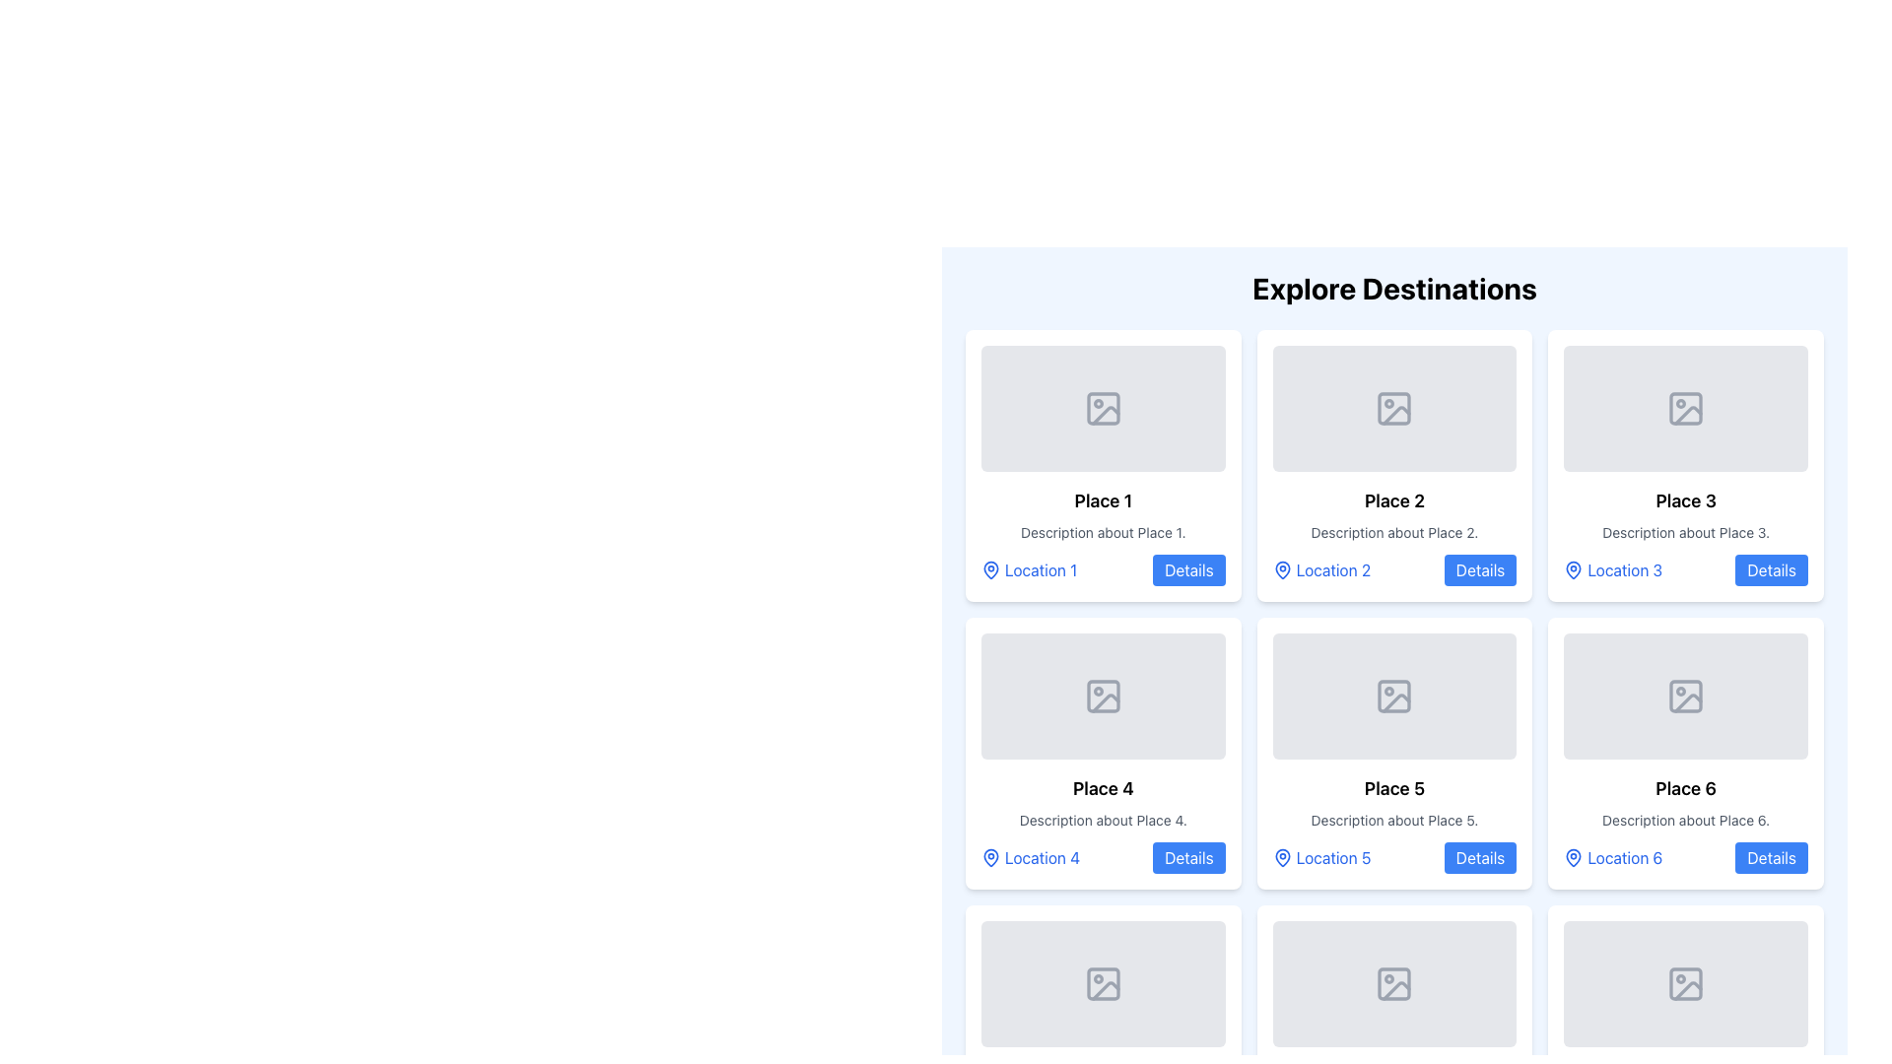 This screenshot has height=1064, width=1892. Describe the element at coordinates (1102, 408) in the screenshot. I see `the Image Placeholder, which is a large rectangular area with a light gray background and rounded corners, located in the upper part of the card for 'Place 1'` at that location.